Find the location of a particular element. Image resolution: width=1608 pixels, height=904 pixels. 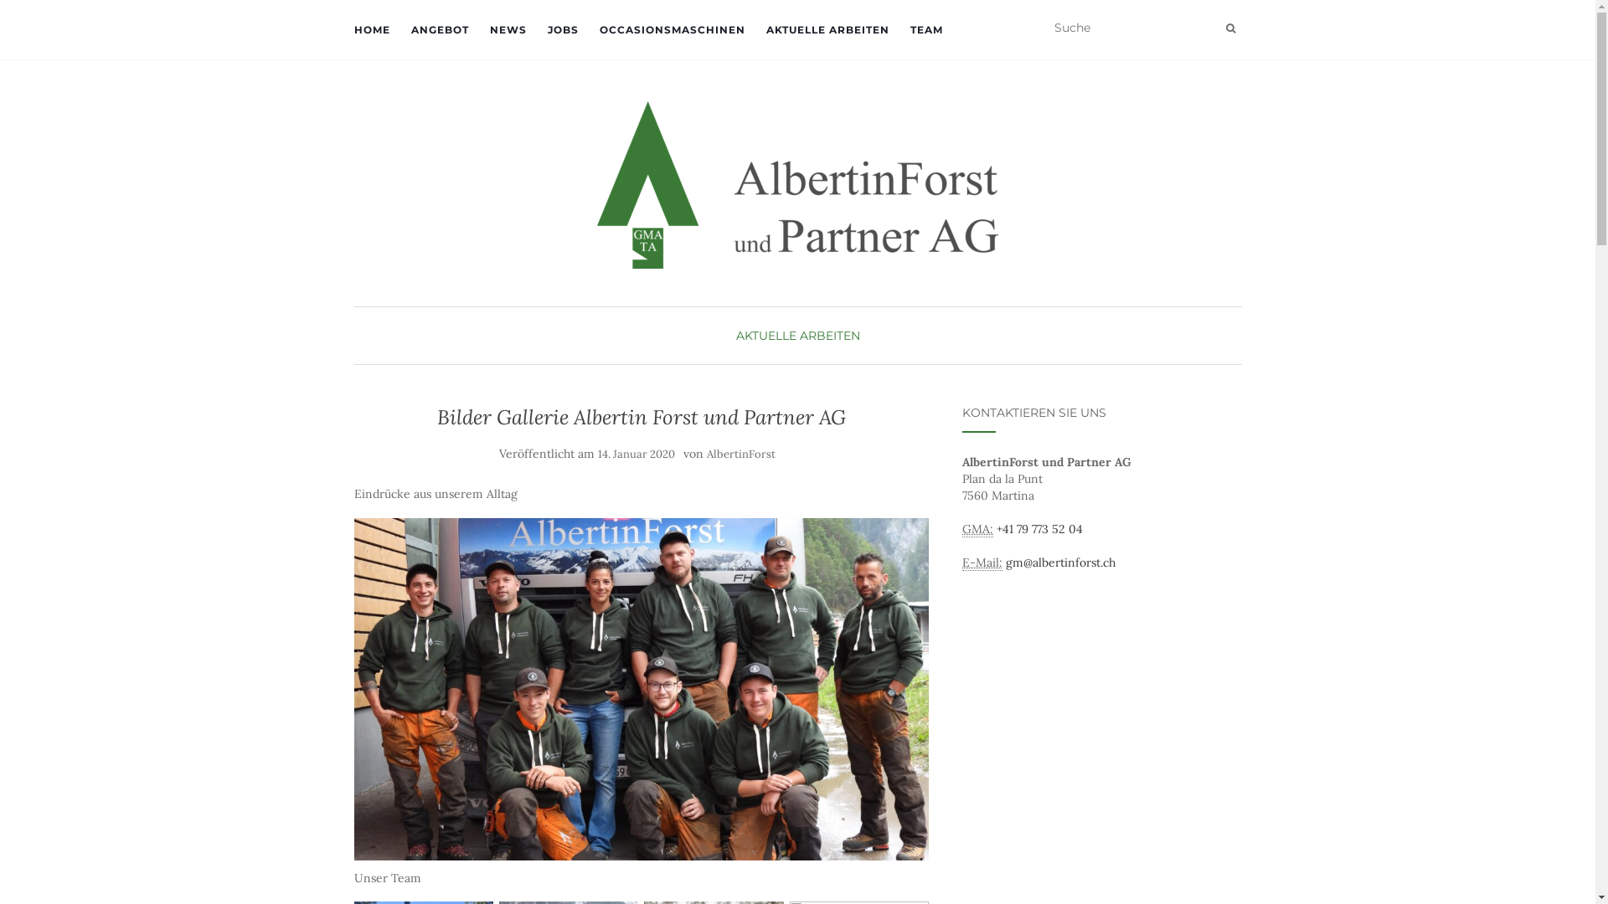

'gm@albertinforst.ch' is located at coordinates (1059, 562).